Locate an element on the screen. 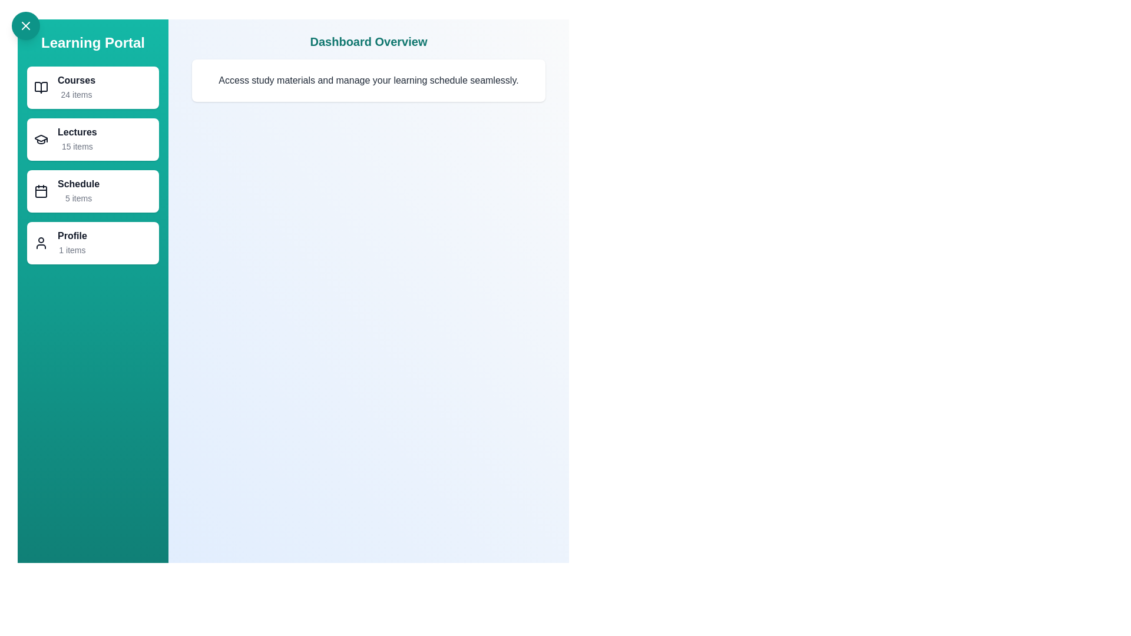 This screenshot has height=636, width=1131. button in the top left corner to toggle the navigation drawer is located at coordinates (25, 25).